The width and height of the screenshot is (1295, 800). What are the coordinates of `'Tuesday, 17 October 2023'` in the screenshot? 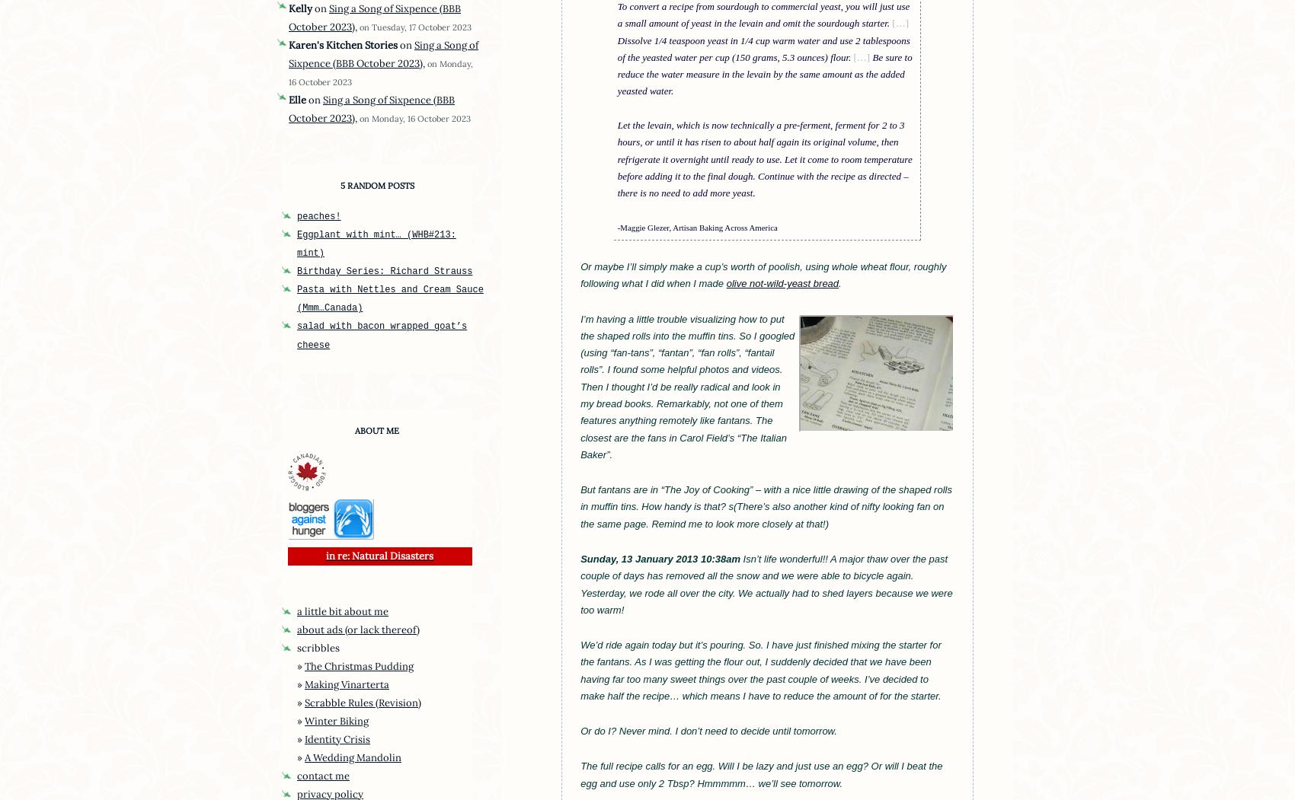 It's located at (372, 26).